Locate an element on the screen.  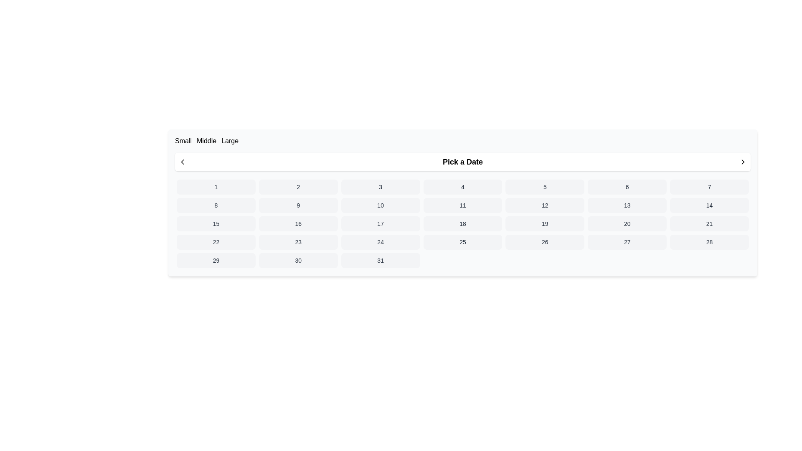
the button representing a selectable day in the fourth row and first column of the date picker grid is located at coordinates (216, 242).